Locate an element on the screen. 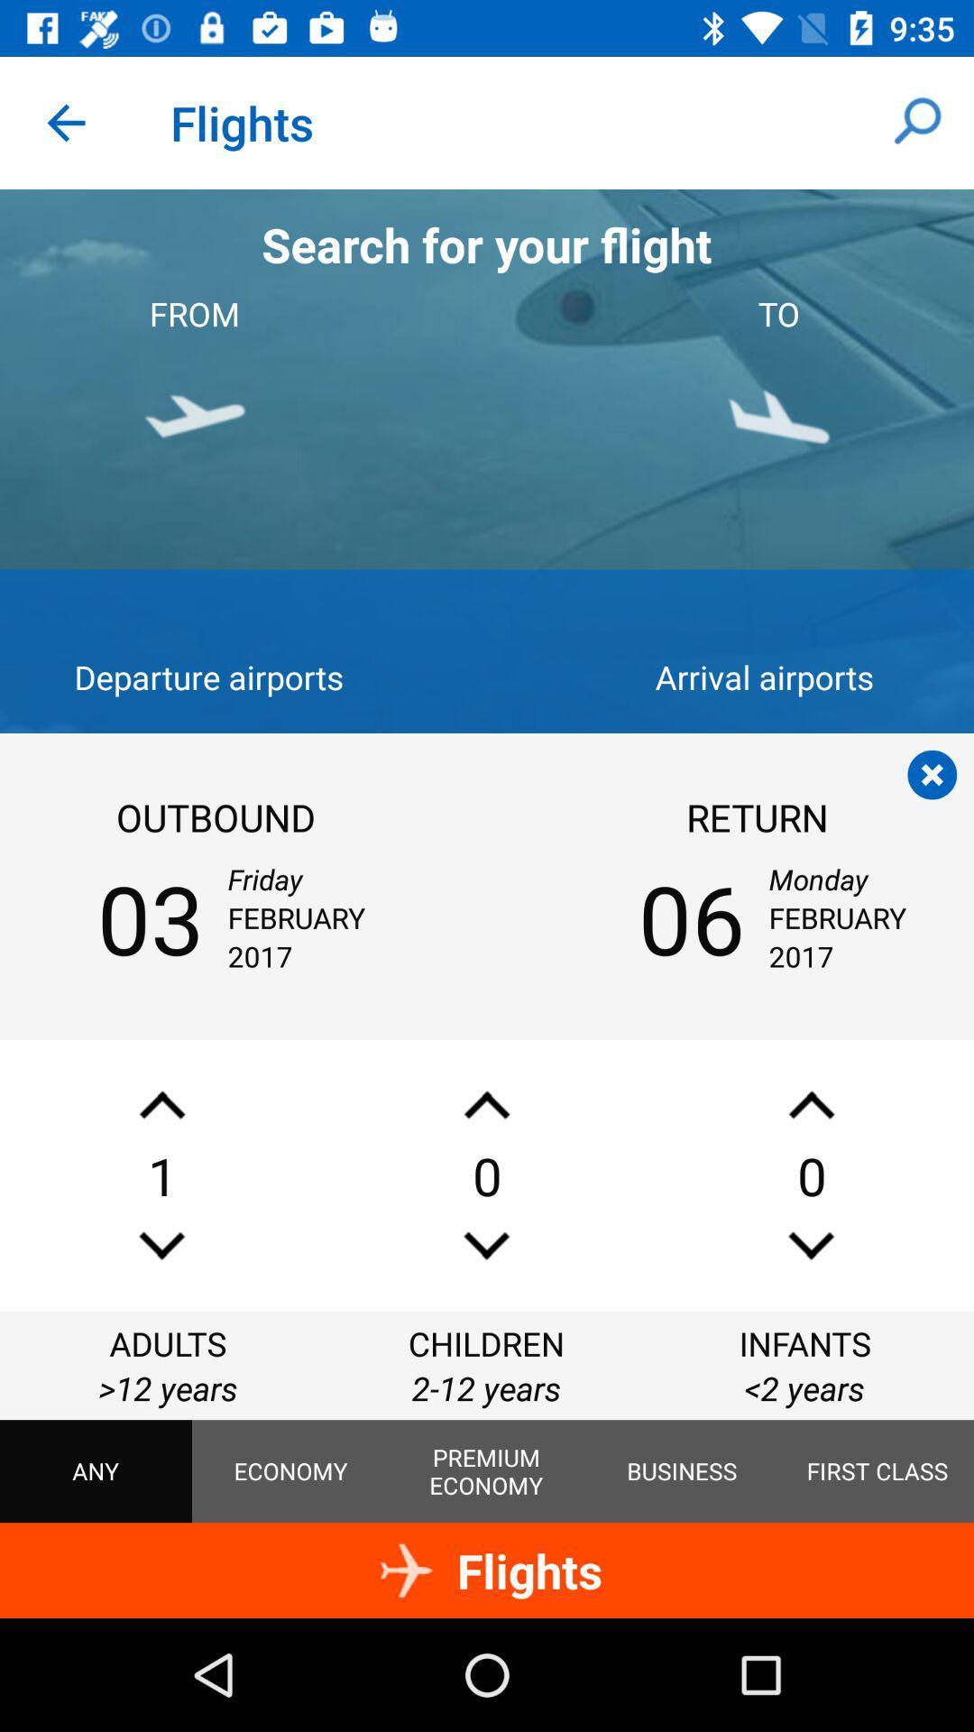 The image size is (974, 1732). down grade button is located at coordinates (810, 1245).